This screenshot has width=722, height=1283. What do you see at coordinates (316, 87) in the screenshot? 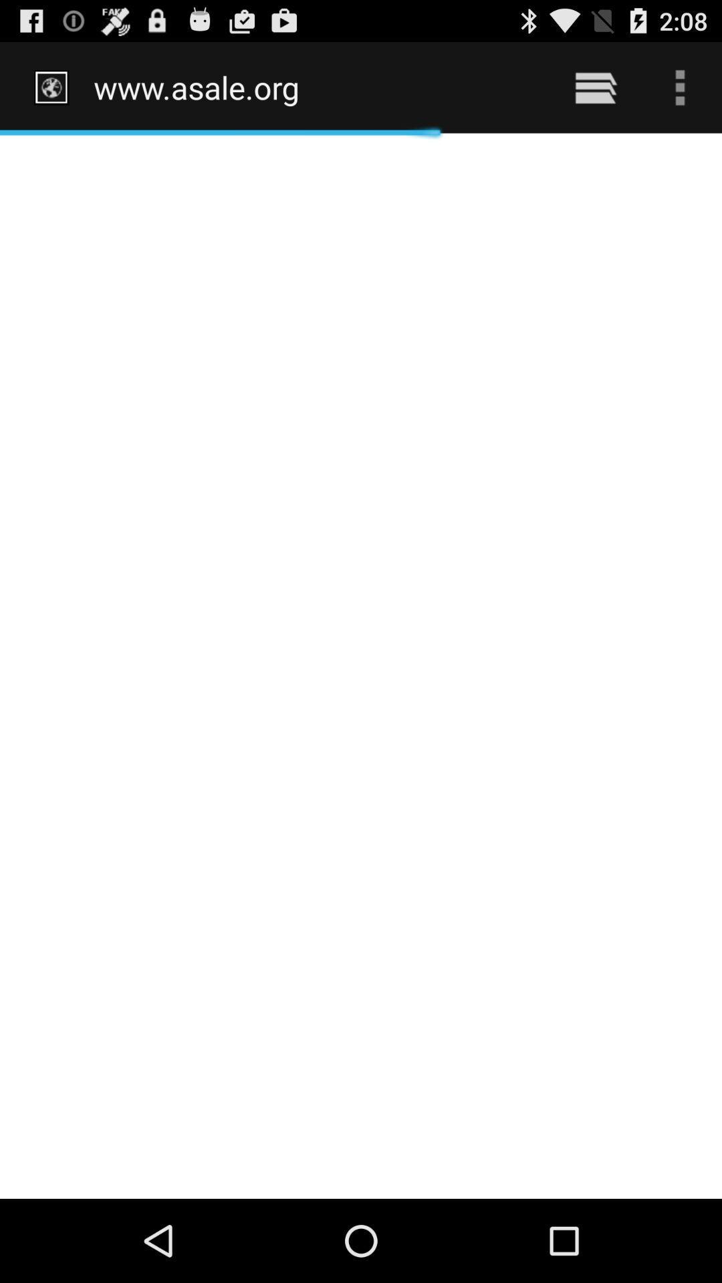
I see `the http www asale` at bounding box center [316, 87].